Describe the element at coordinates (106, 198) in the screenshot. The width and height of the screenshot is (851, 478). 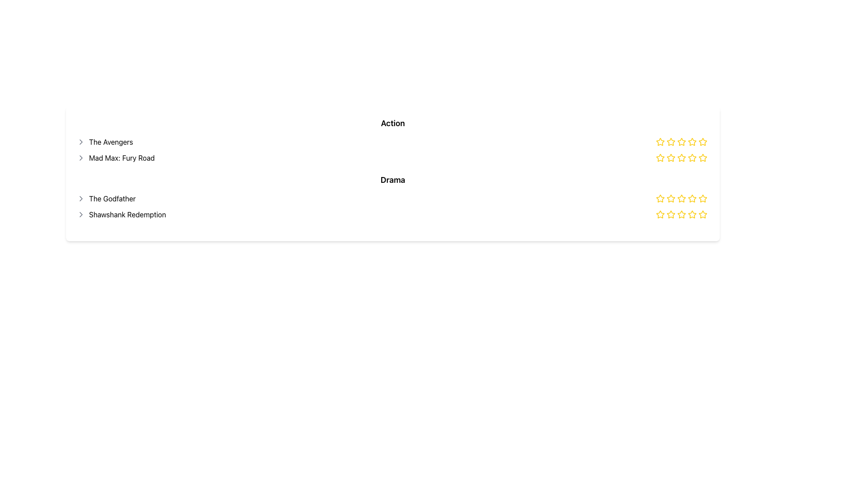
I see `the icon next to the text label that represents a movie entry in the list` at that location.